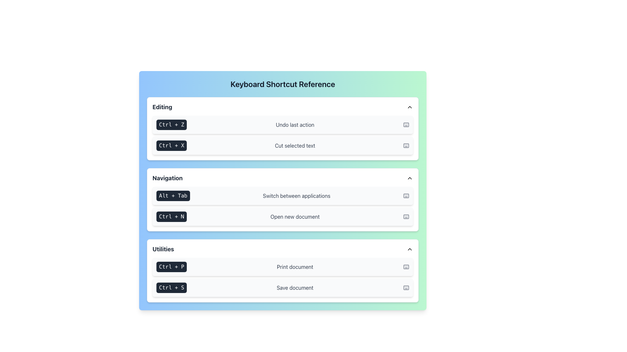  Describe the element at coordinates (282, 135) in the screenshot. I see `shortcut descriptions from the Shortcut Reference Panel, which displays keyboard shortcuts and their descriptions in the Editing section of the Keyboard Shortcut Reference interface` at that location.